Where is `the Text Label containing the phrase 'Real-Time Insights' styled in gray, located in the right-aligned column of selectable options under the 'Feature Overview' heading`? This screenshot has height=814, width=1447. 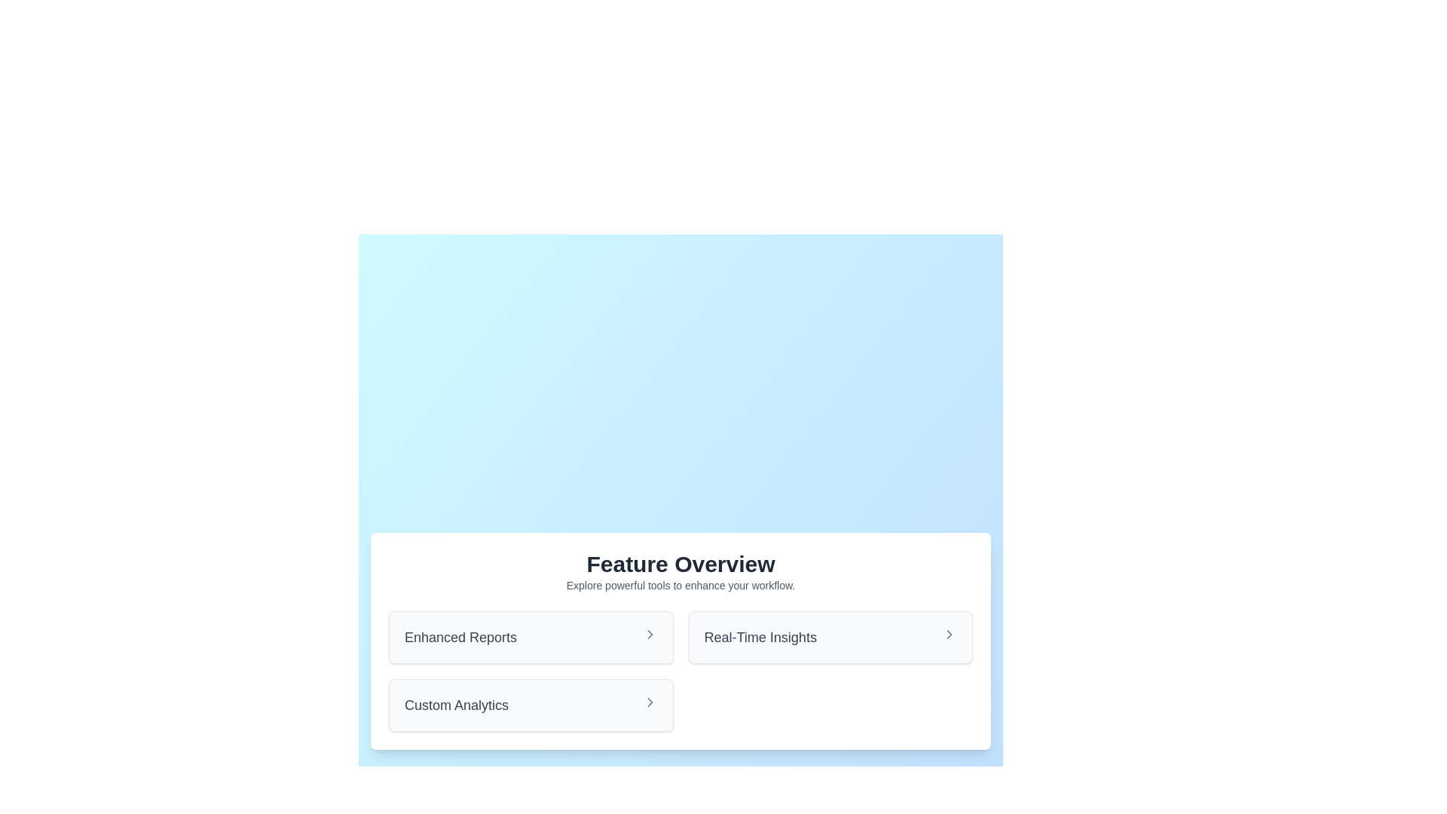 the Text Label containing the phrase 'Real-Time Insights' styled in gray, located in the right-aligned column of selectable options under the 'Feature Overview' heading is located at coordinates (760, 637).